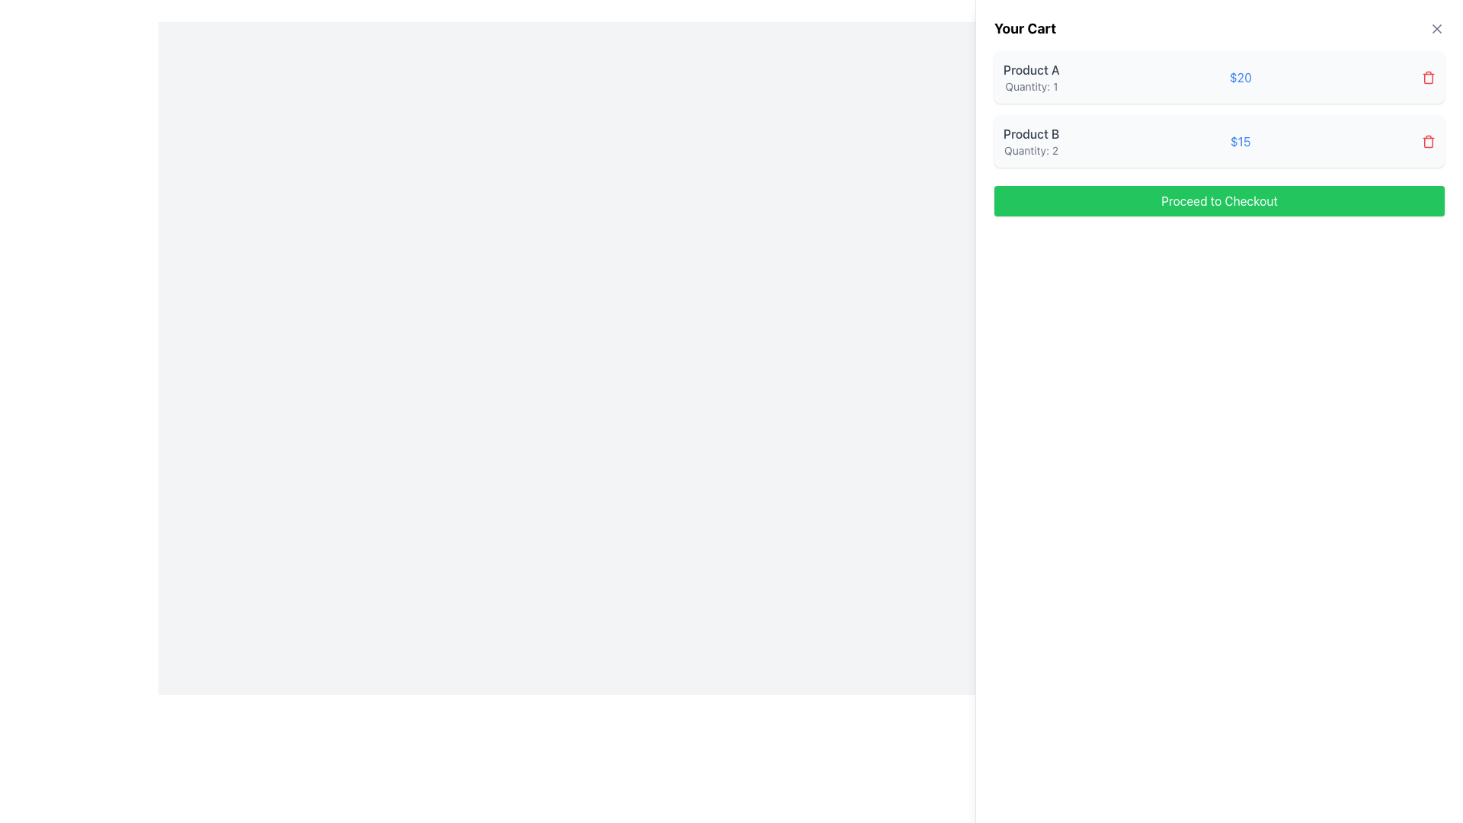  Describe the element at coordinates (1031, 87) in the screenshot. I see `the text label displaying 'Quantity: 1' located beneath the main product name 'Product A' in the cart section on the right side of the interface` at that location.